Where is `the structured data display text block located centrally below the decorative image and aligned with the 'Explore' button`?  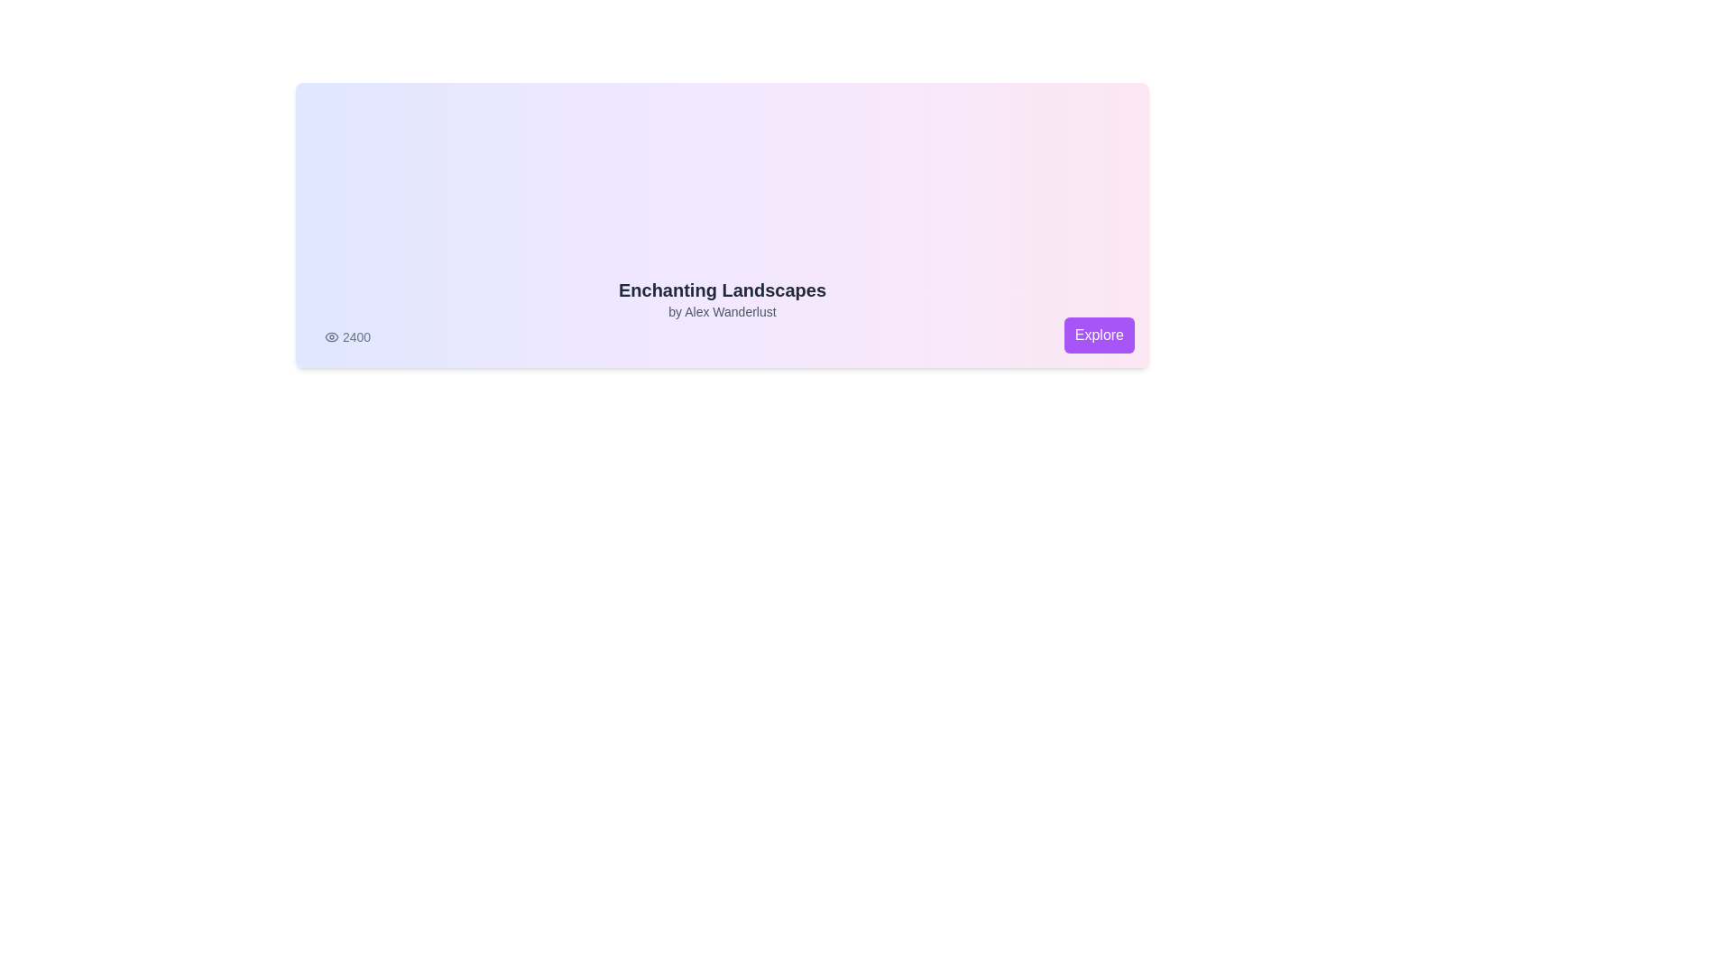
the structured data display text block located centrally below the decorative image and aligned with the 'Explore' button is located at coordinates (723, 311).